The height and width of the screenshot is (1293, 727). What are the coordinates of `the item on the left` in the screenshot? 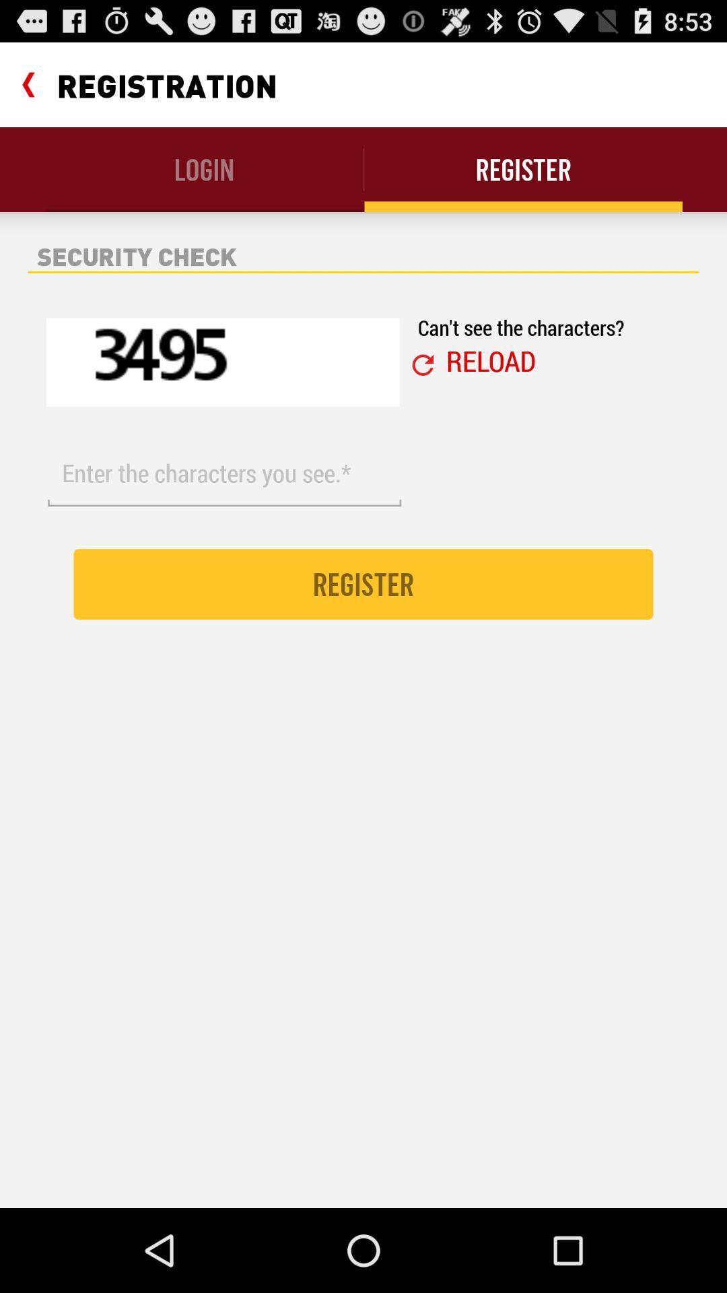 It's located at (223, 473).